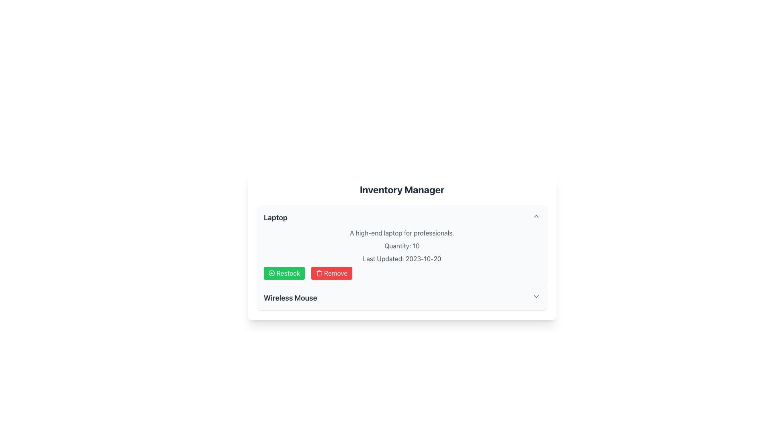 The height and width of the screenshot is (434, 772). What do you see at coordinates (275, 218) in the screenshot?
I see `the title text element at the top left of the item entry` at bounding box center [275, 218].